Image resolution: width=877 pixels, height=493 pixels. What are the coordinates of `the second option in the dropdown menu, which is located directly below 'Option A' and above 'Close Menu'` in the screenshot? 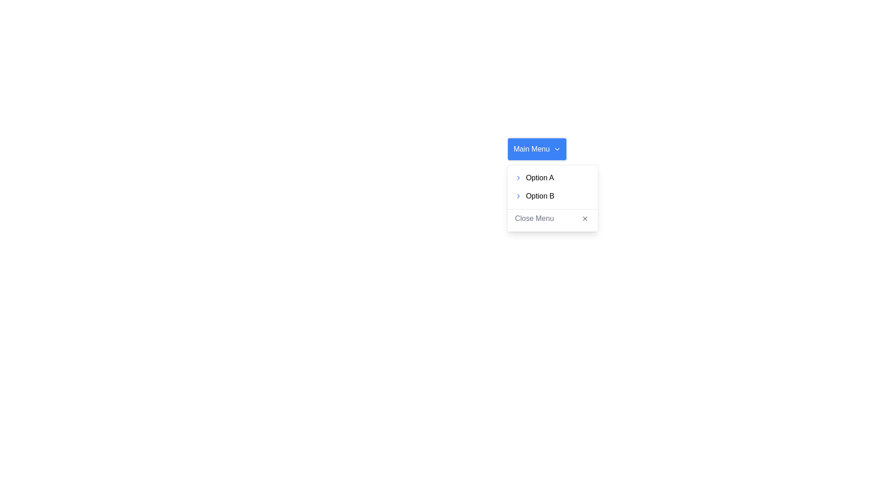 It's located at (552, 195).